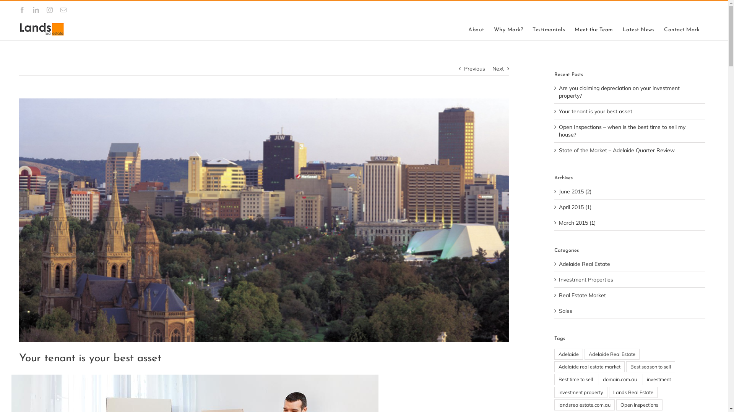 The width and height of the screenshot is (734, 412). I want to click on 'About', so click(476, 29).